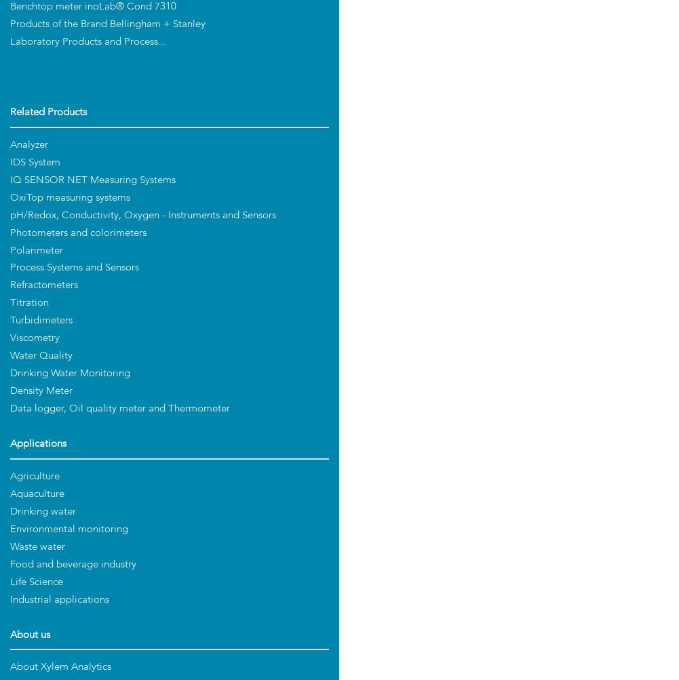 Image resolution: width=679 pixels, height=680 pixels. What do you see at coordinates (35, 162) in the screenshot?
I see `'IDS System'` at bounding box center [35, 162].